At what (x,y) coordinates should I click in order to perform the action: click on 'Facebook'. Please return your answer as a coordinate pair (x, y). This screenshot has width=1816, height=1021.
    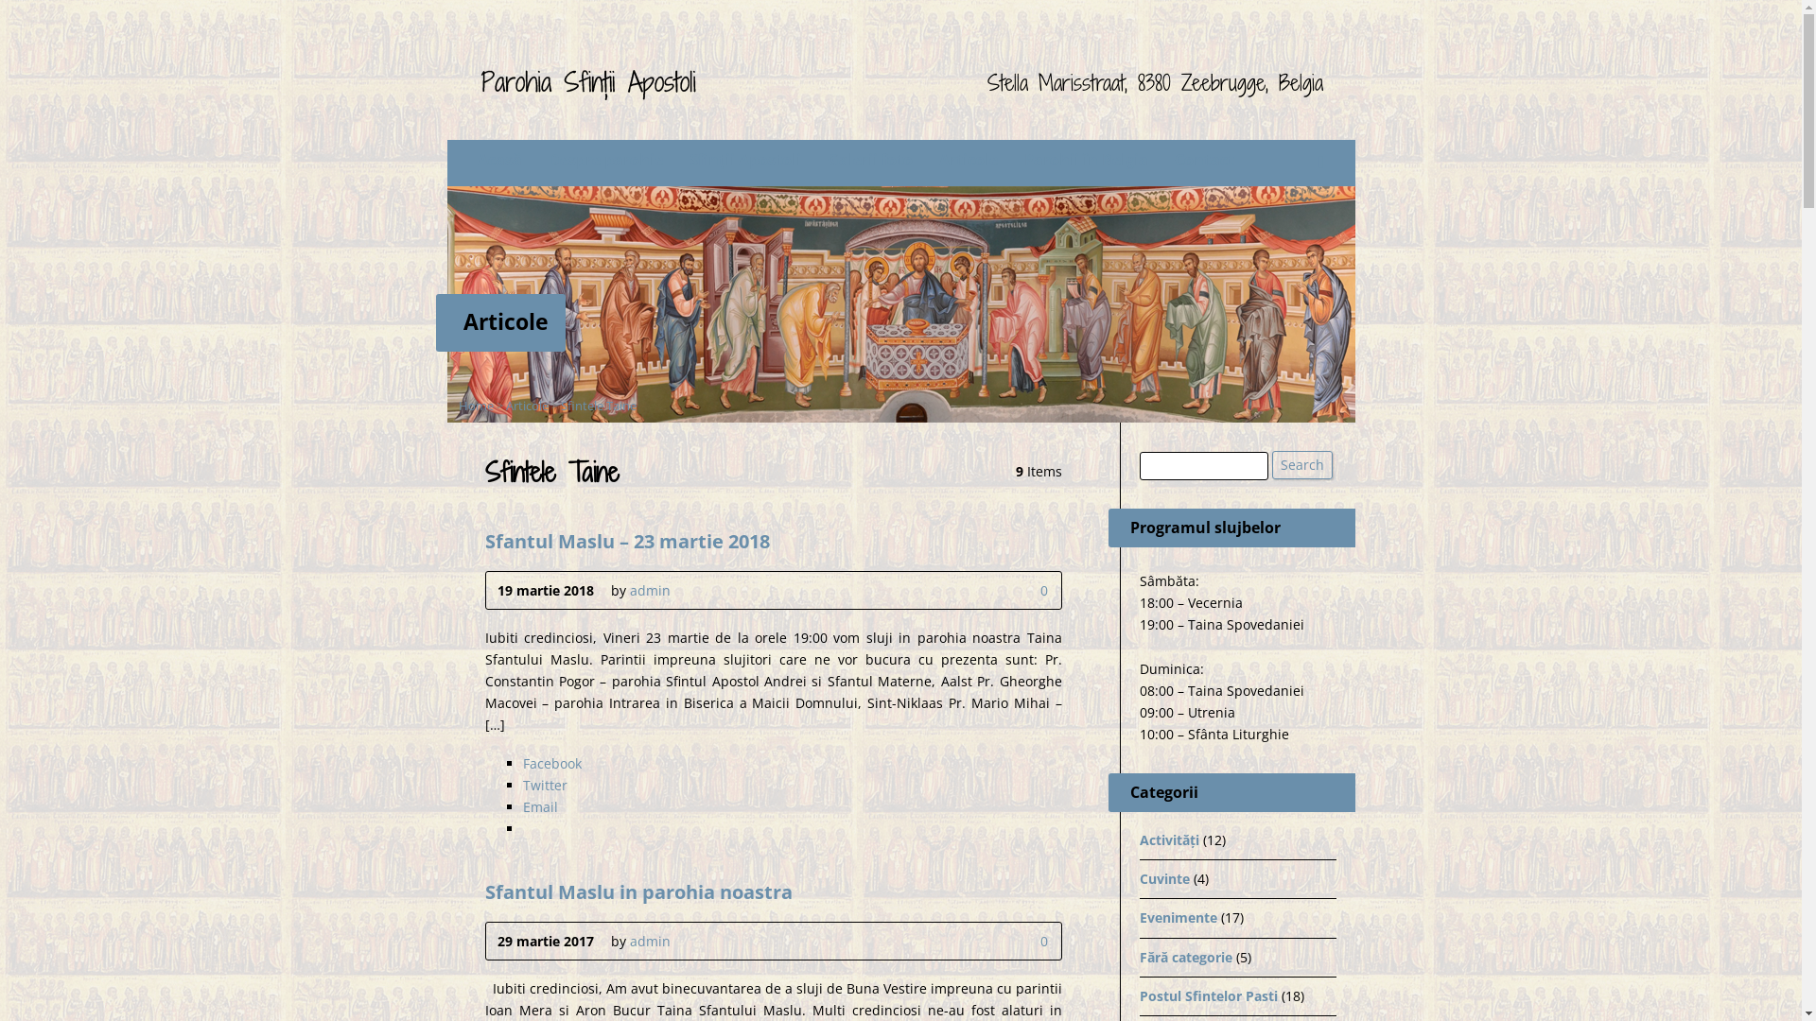
    Looking at the image, I should click on (550, 762).